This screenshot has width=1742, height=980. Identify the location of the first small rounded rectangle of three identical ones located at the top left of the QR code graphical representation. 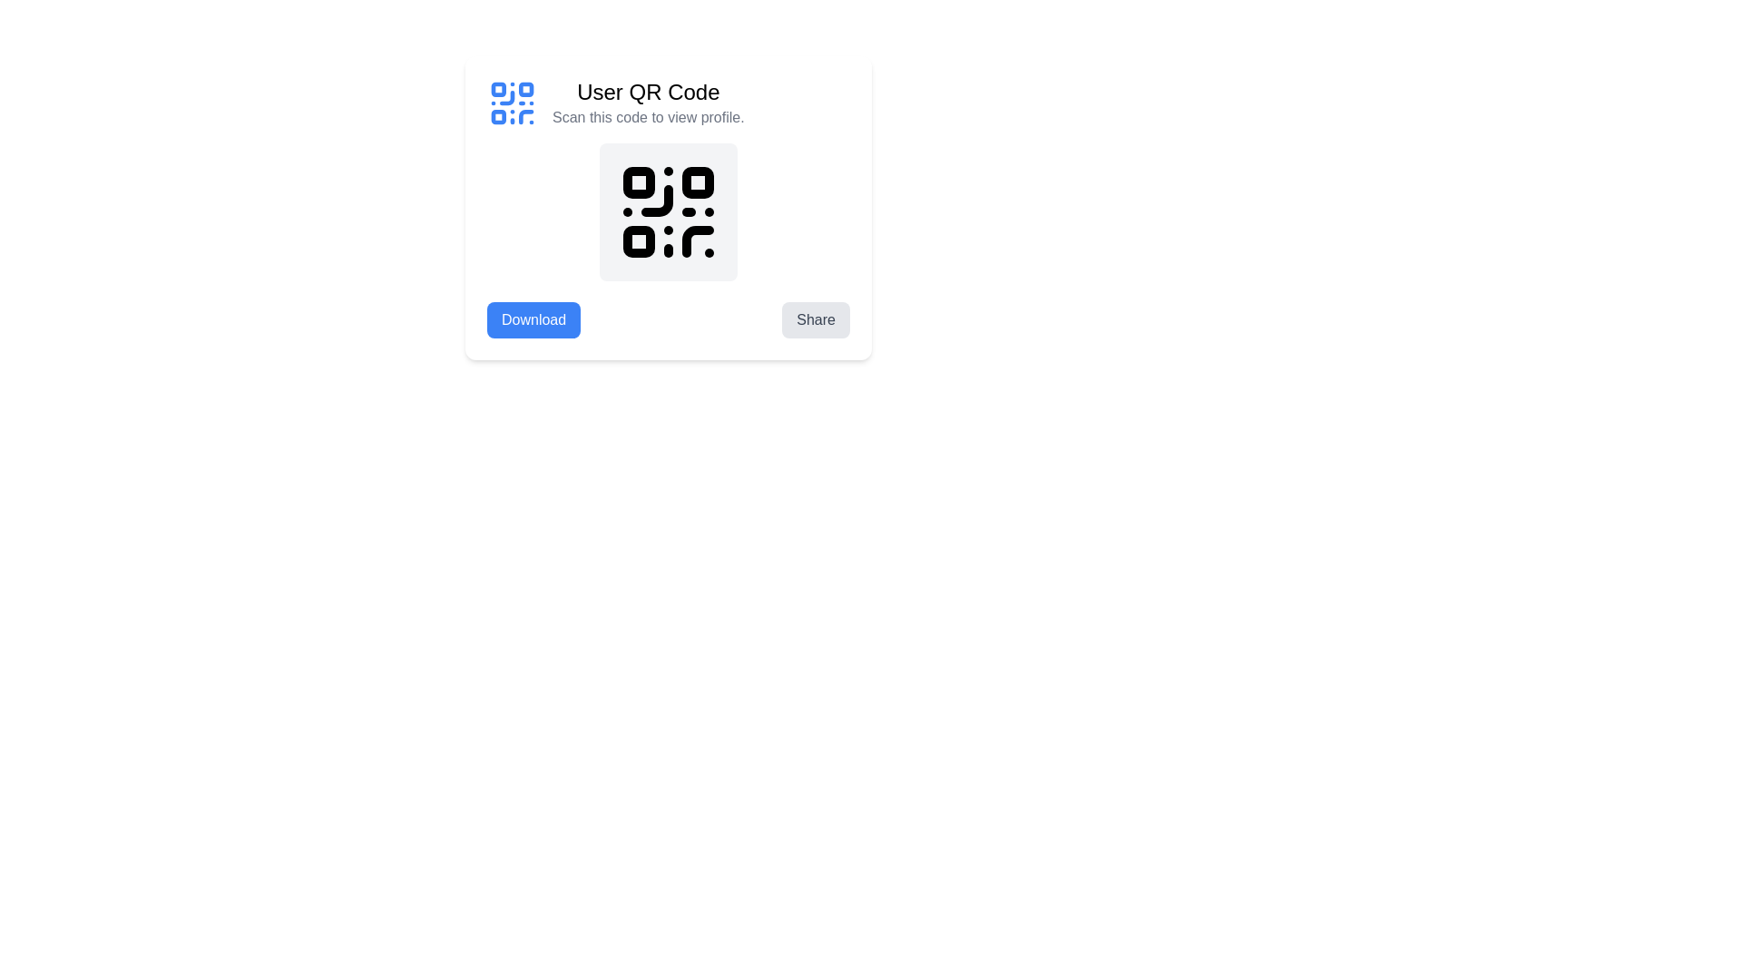
(639, 182).